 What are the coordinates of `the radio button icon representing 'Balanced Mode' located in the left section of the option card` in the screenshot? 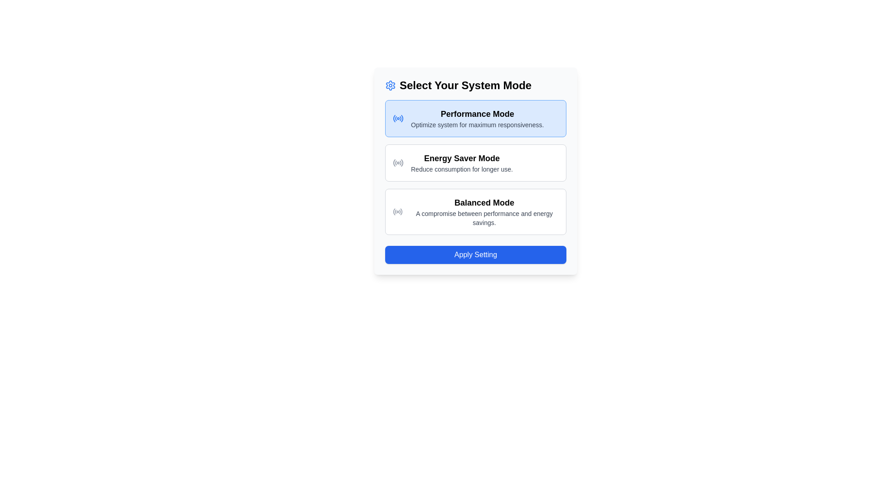 It's located at (398, 211).